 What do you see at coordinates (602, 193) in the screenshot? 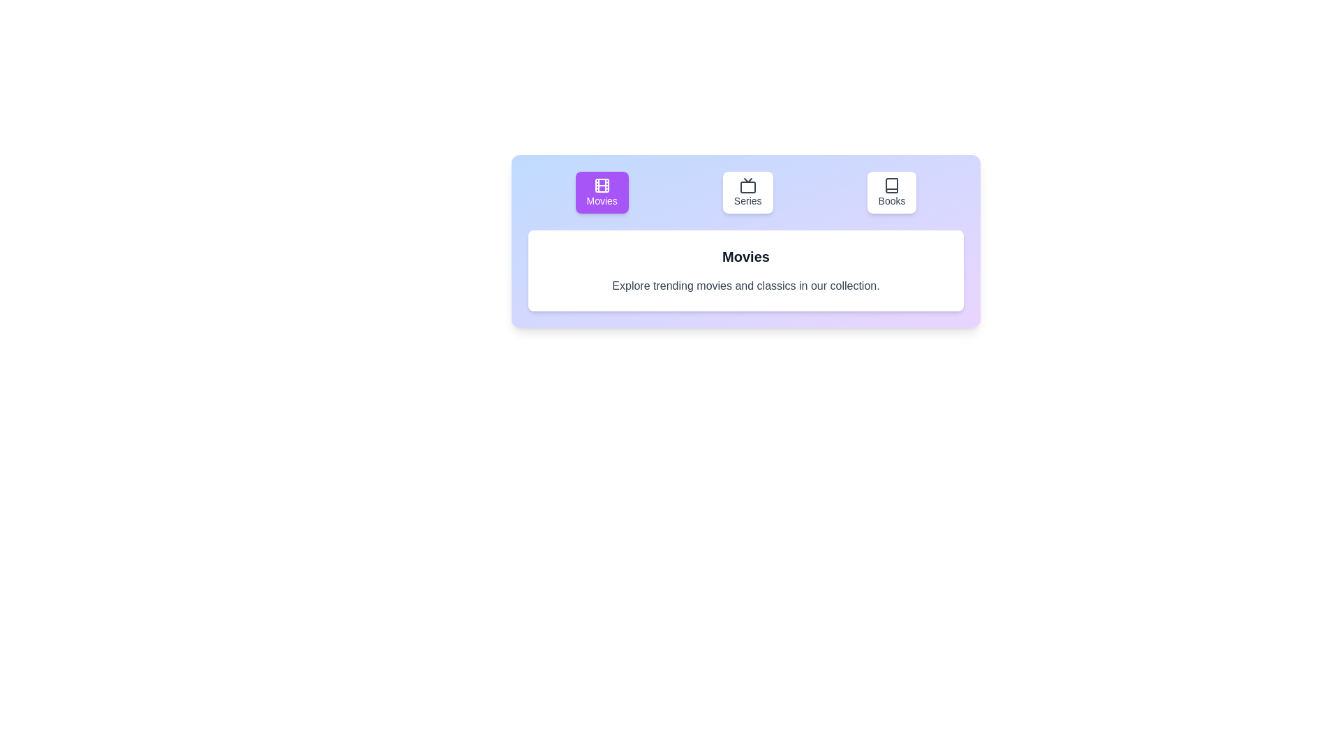
I see `the Movies tab by clicking on its button` at bounding box center [602, 193].